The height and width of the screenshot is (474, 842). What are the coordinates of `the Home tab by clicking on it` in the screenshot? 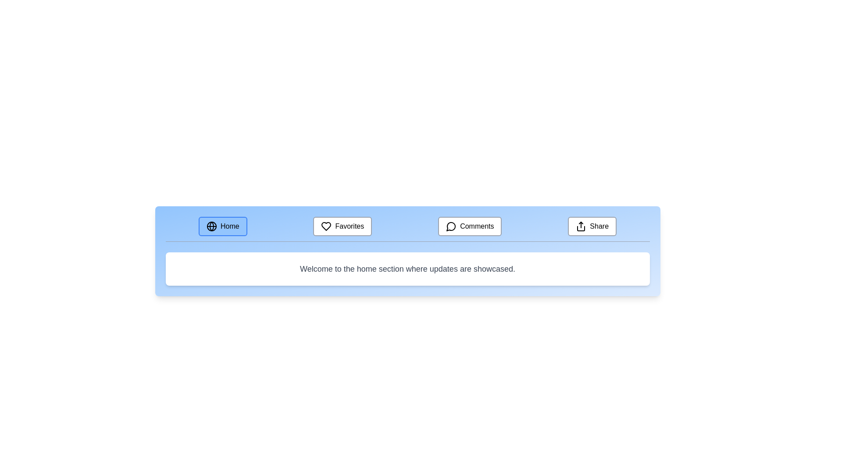 It's located at (223, 226).